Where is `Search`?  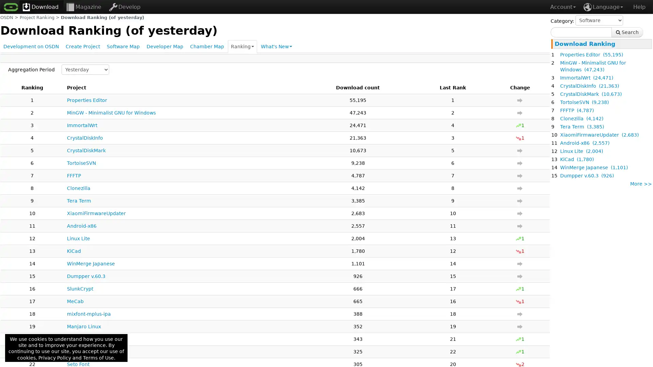
Search is located at coordinates (627, 32).